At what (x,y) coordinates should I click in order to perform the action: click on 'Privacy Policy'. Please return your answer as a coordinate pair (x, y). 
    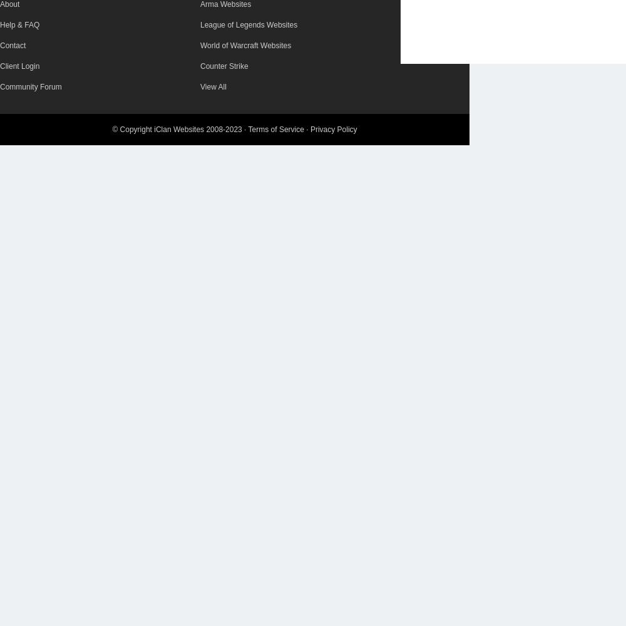
    Looking at the image, I should click on (309, 129).